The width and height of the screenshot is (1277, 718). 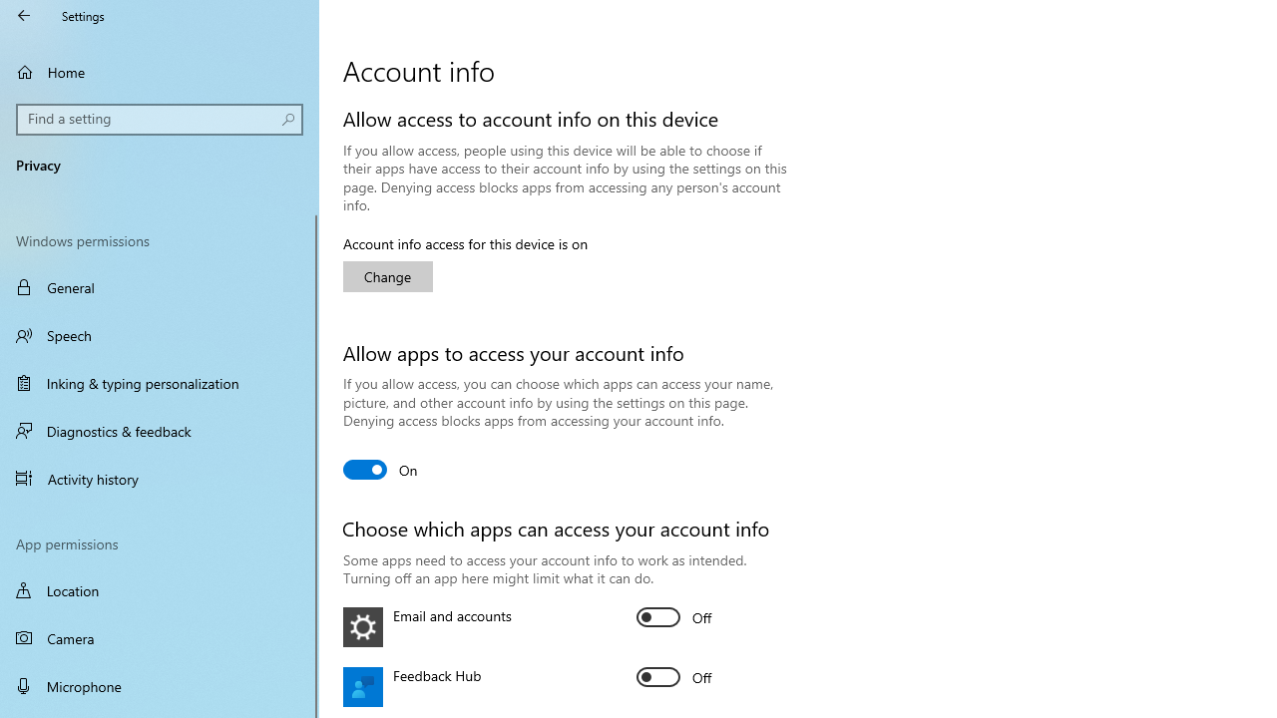 What do you see at coordinates (160, 638) in the screenshot?
I see `'Camera'` at bounding box center [160, 638].